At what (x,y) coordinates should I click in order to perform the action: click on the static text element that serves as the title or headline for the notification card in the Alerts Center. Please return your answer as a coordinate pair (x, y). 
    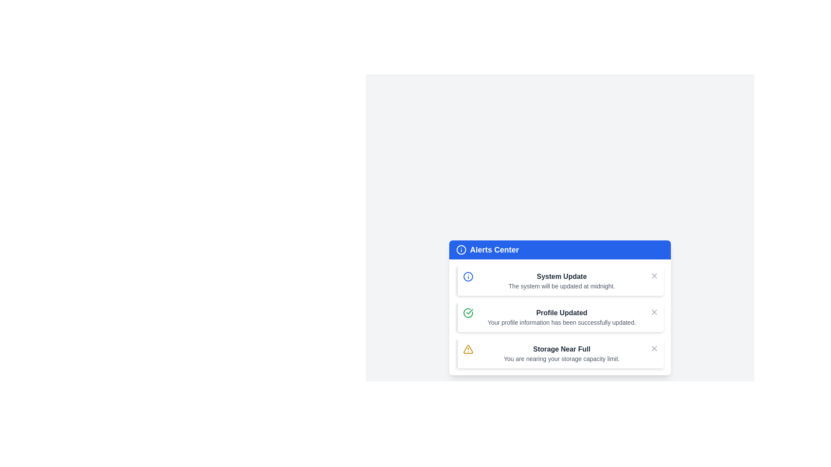
    Looking at the image, I should click on (561, 277).